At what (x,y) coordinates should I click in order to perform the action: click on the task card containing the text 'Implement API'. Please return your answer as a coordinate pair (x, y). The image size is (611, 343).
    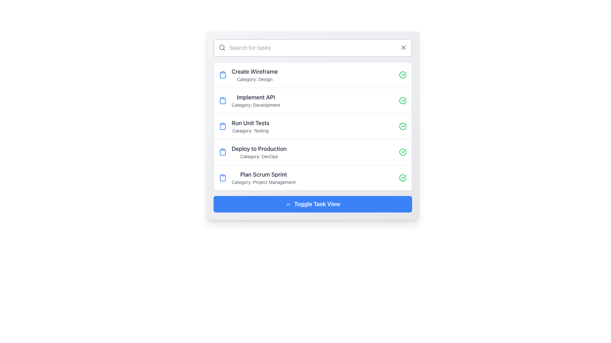
    Looking at the image, I should click on (256, 100).